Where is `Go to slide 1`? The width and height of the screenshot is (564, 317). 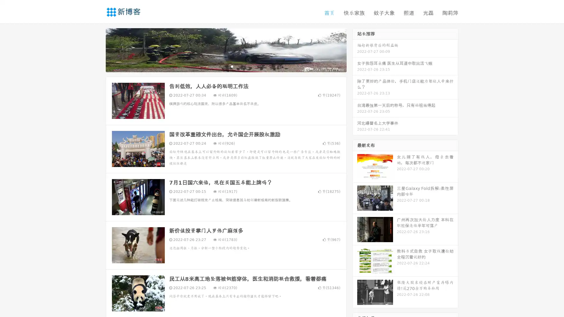 Go to slide 1 is located at coordinates (220, 66).